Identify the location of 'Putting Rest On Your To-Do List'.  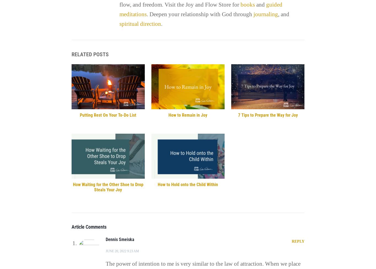
(108, 115).